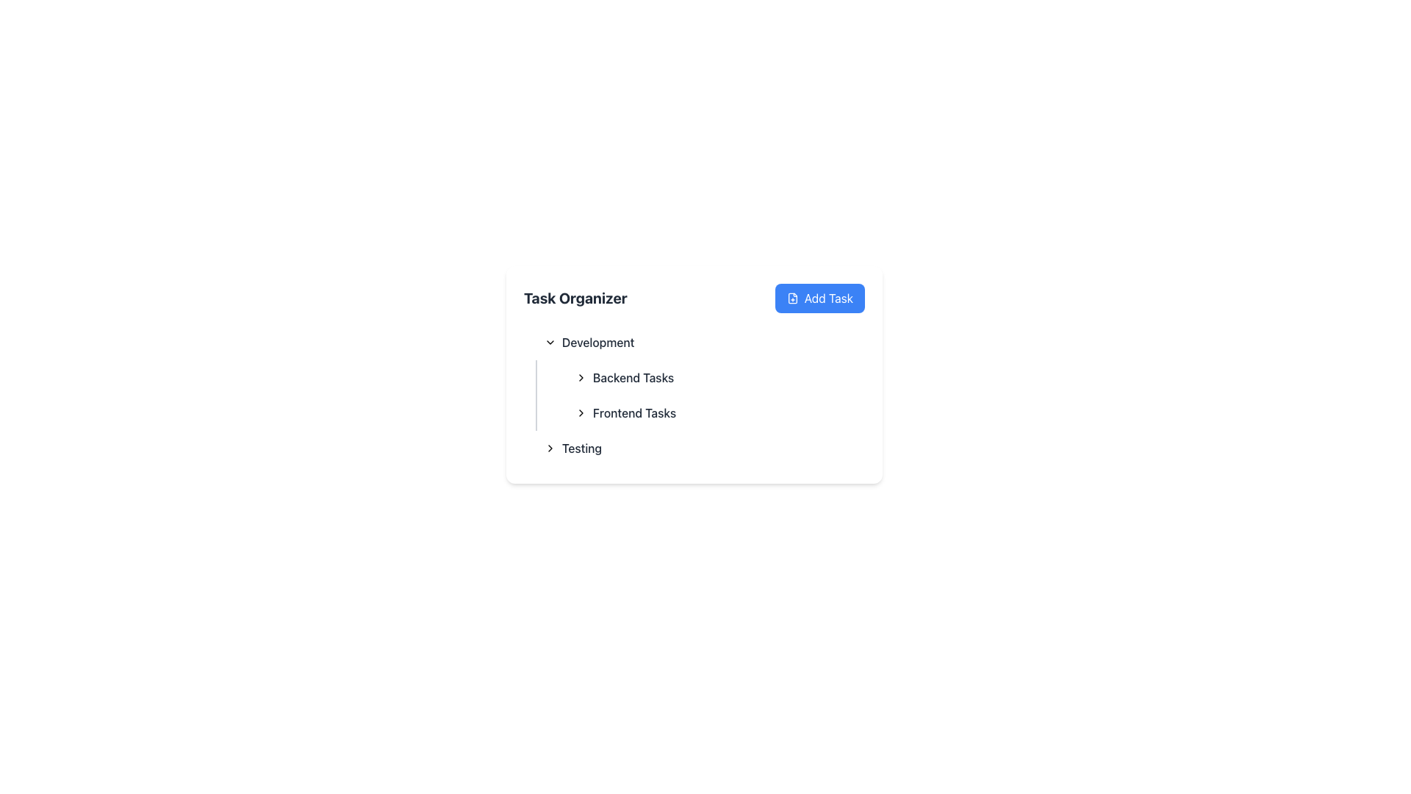 The width and height of the screenshot is (1411, 794). What do you see at coordinates (598, 343) in the screenshot?
I see `the 'Development' text label element` at bounding box center [598, 343].